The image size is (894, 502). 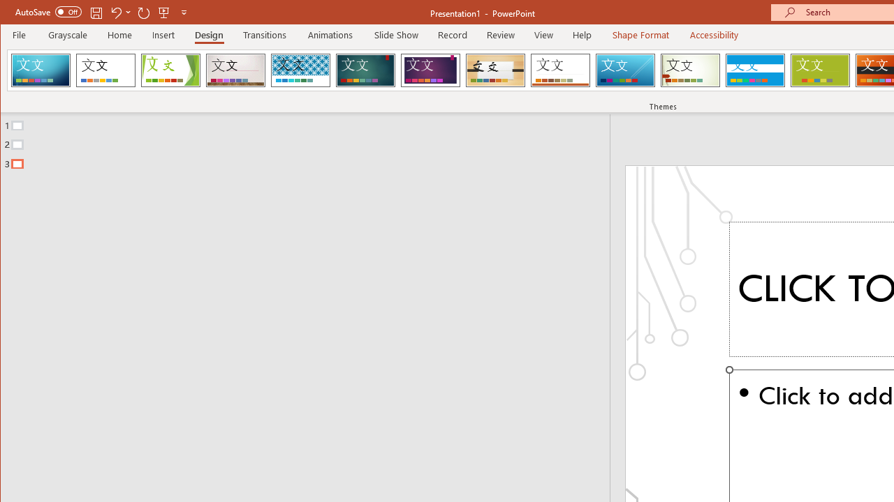 What do you see at coordinates (820, 70) in the screenshot?
I see `'Basis'` at bounding box center [820, 70].